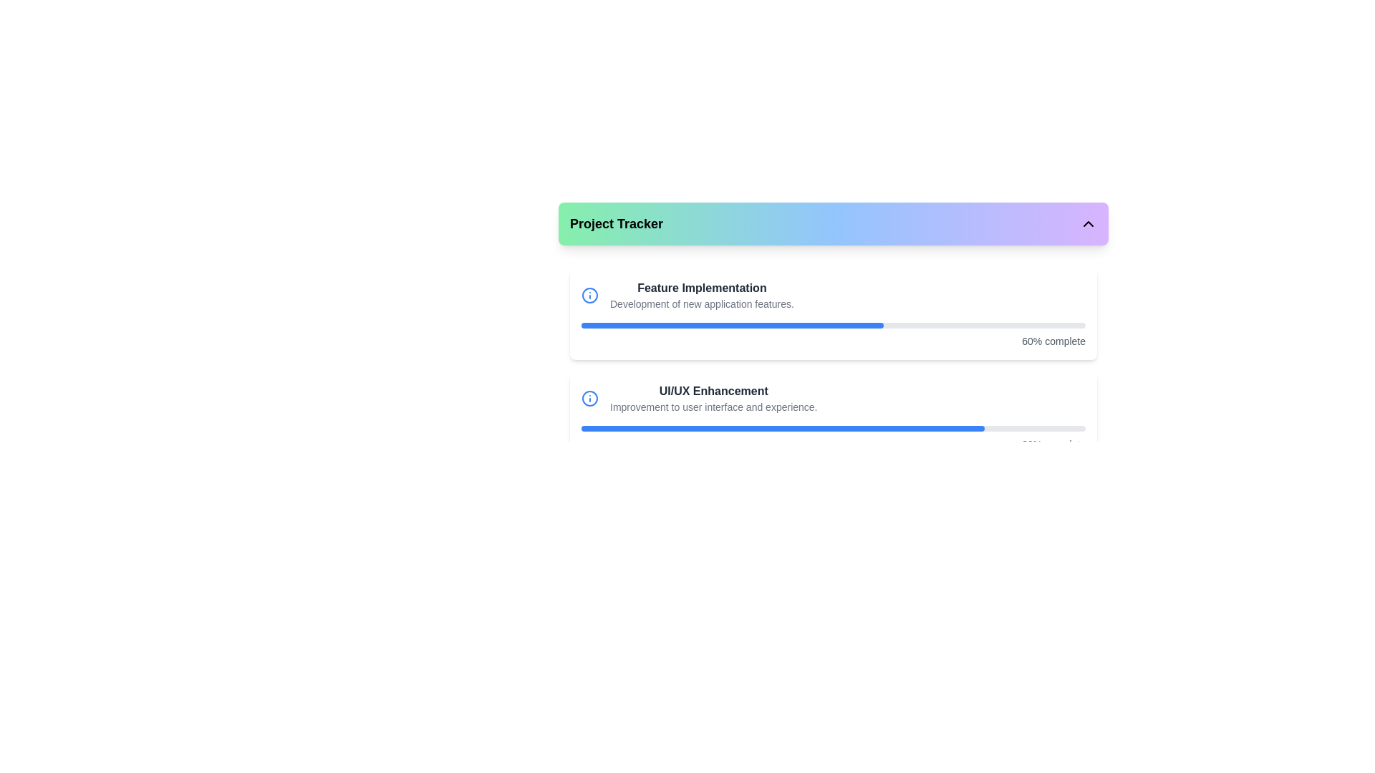  What do you see at coordinates (833, 326) in the screenshot?
I see `the progress bar with a gray background and blue filled portion indicating progress, located within the 'Feature Implementation' card, above the '60% complete' text` at bounding box center [833, 326].